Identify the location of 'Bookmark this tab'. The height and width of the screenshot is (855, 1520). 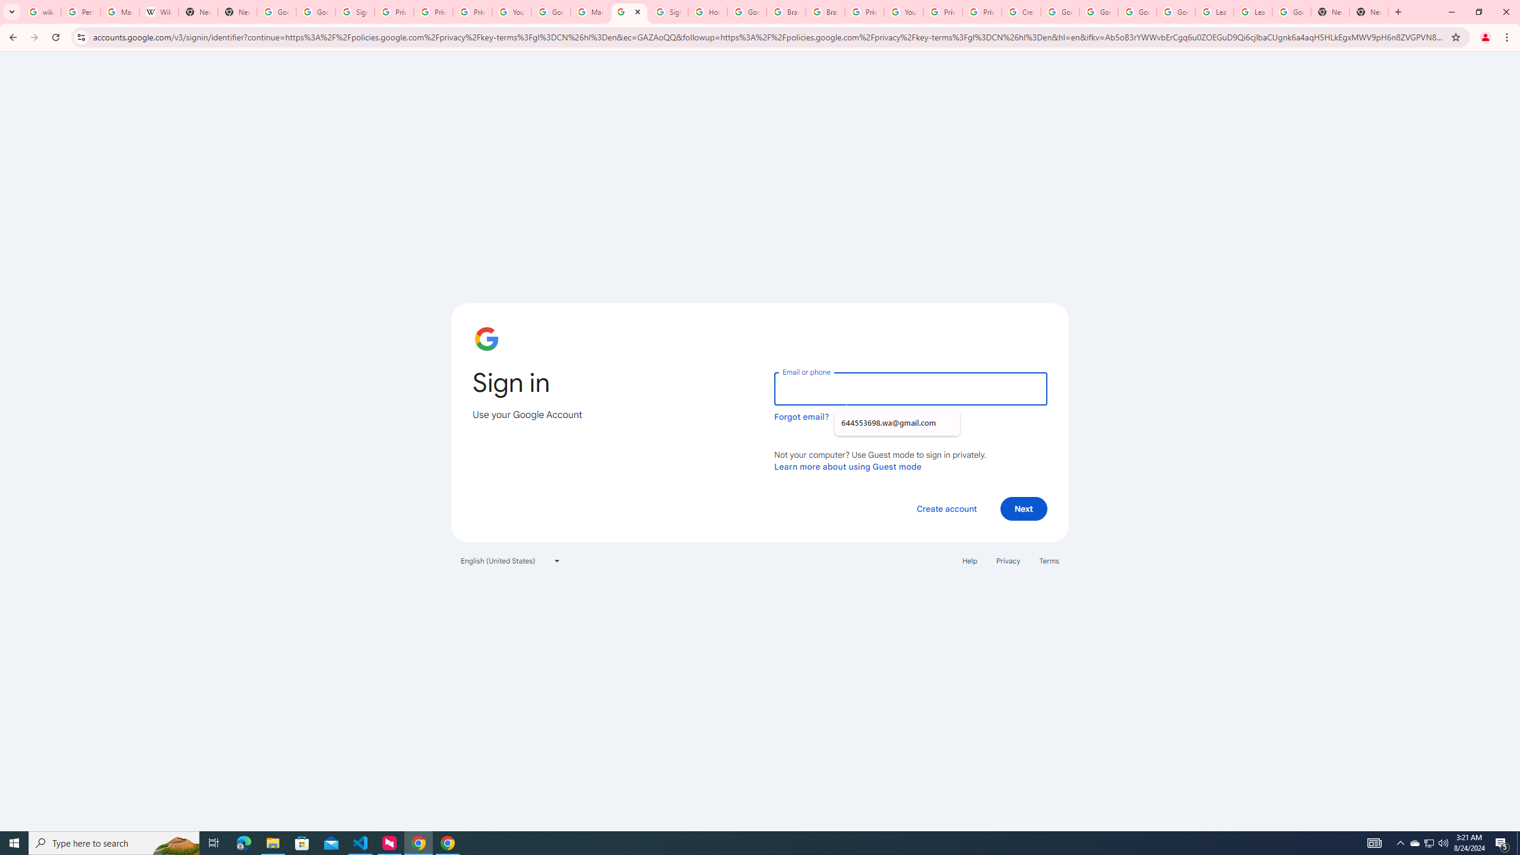
(1455, 36).